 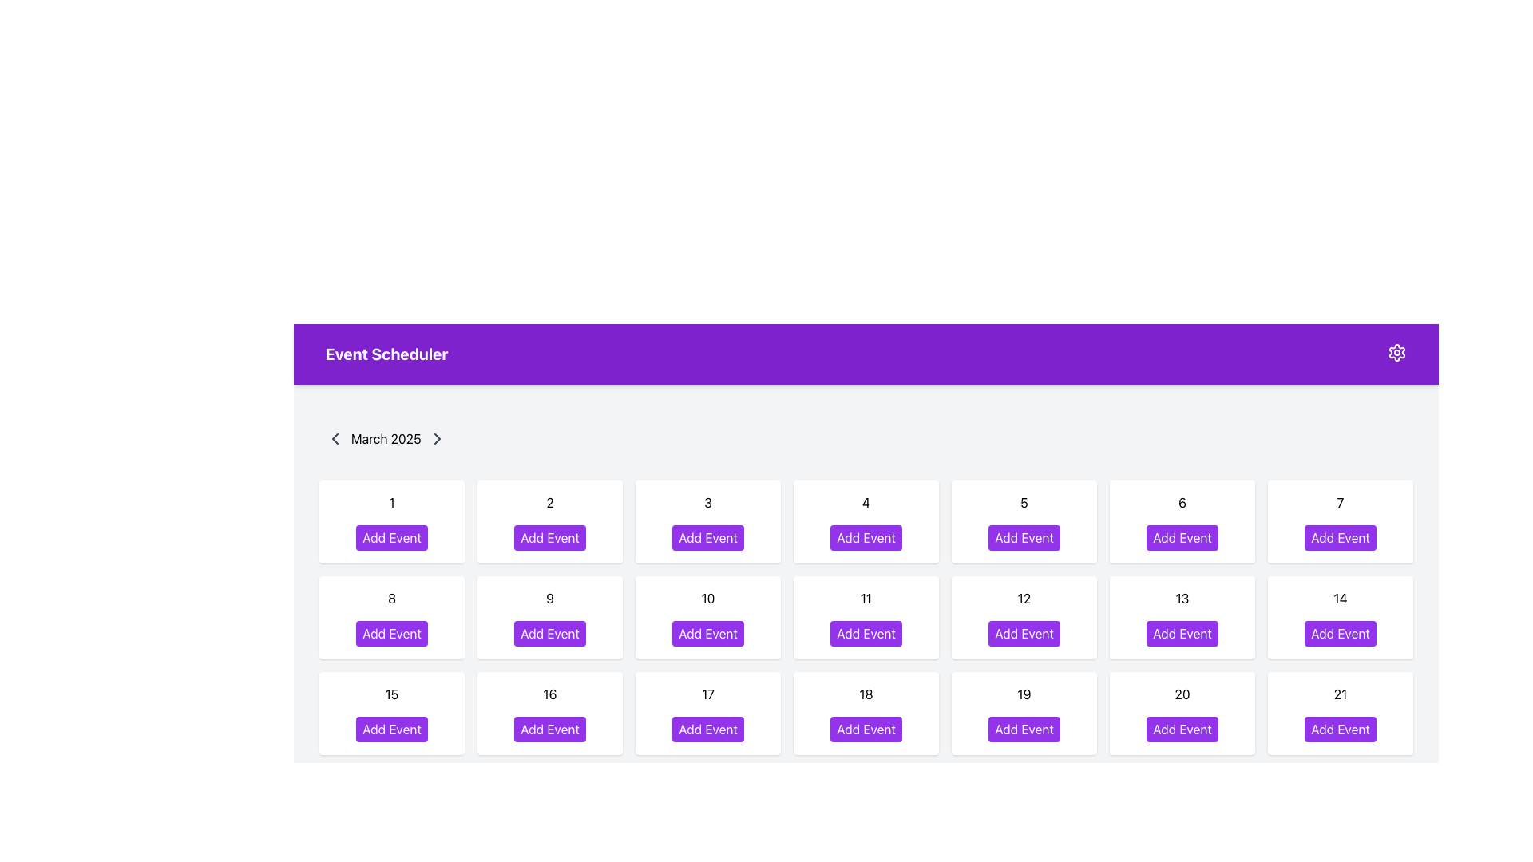 What do you see at coordinates (1341, 522) in the screenshot?
I see `the 'Add Event' button in the calendar interface representing the seventh day of the month` at bounding box center [1341, 522].